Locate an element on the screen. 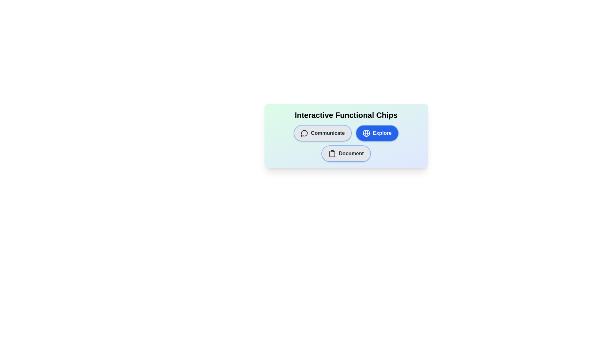 This screenshot has height=345, width=614. the header text 'Interactive Functional Chips' to interact with it is located at coordinates (346, 115).